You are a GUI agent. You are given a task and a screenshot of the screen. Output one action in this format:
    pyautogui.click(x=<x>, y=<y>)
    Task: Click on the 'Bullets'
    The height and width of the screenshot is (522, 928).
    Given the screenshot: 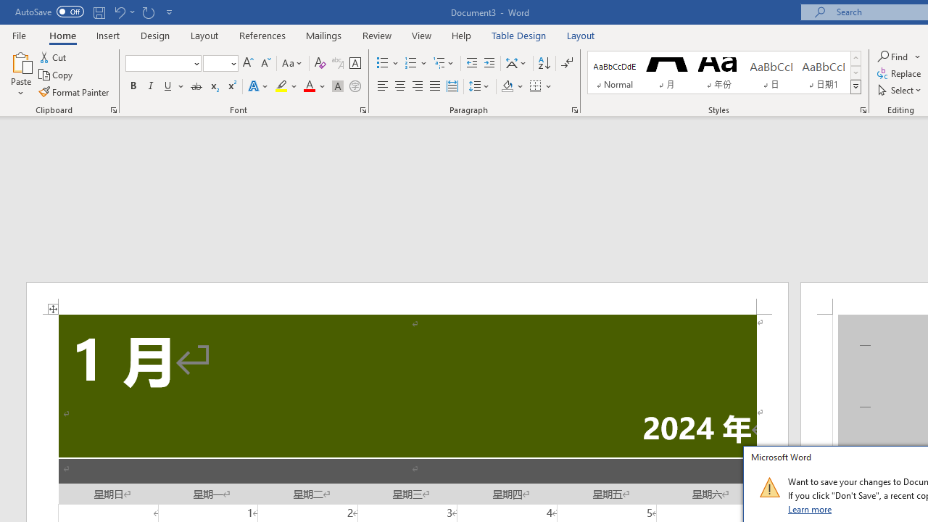 What is the action you would take?
    pyautogui.click(x=383, y=62)
    